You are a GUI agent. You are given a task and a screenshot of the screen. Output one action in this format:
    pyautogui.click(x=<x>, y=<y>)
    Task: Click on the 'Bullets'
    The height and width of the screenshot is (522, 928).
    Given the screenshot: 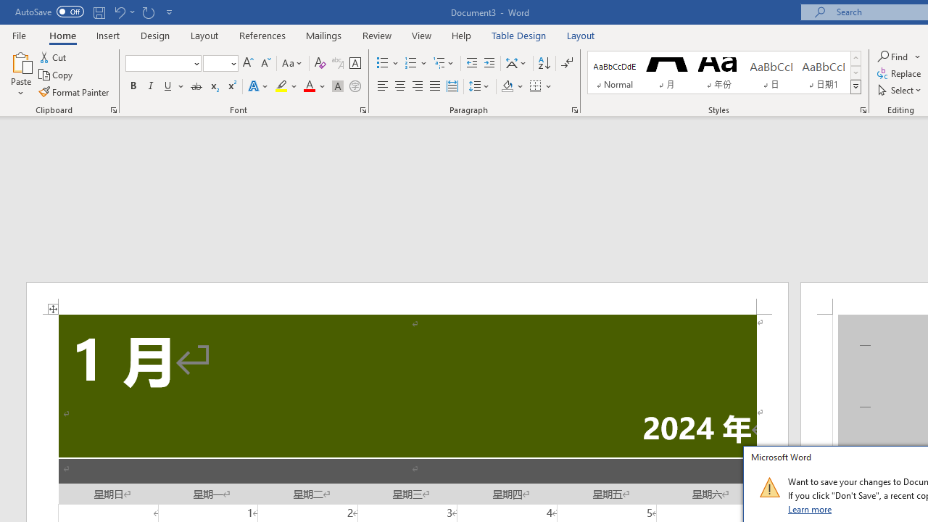 What is the action you would take?
    pyautogui.click(x=383, y=62)
    